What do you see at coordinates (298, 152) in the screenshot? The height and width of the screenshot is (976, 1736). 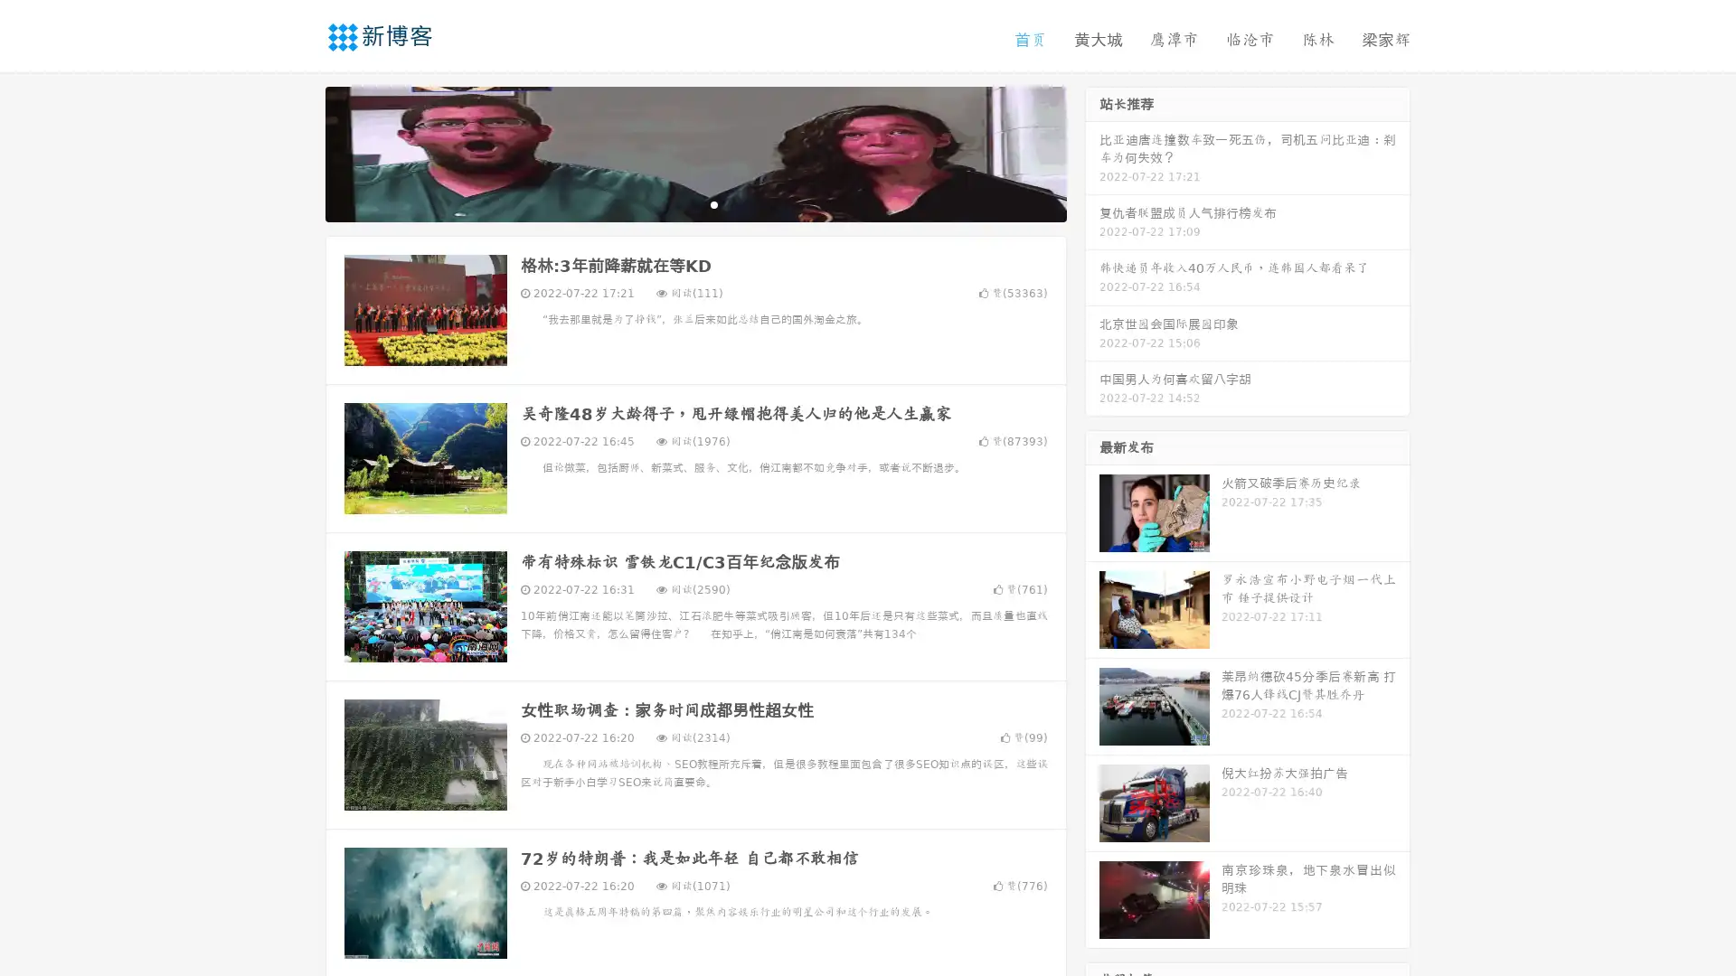 I see `Previous slide` at bounding box center [298, 152].